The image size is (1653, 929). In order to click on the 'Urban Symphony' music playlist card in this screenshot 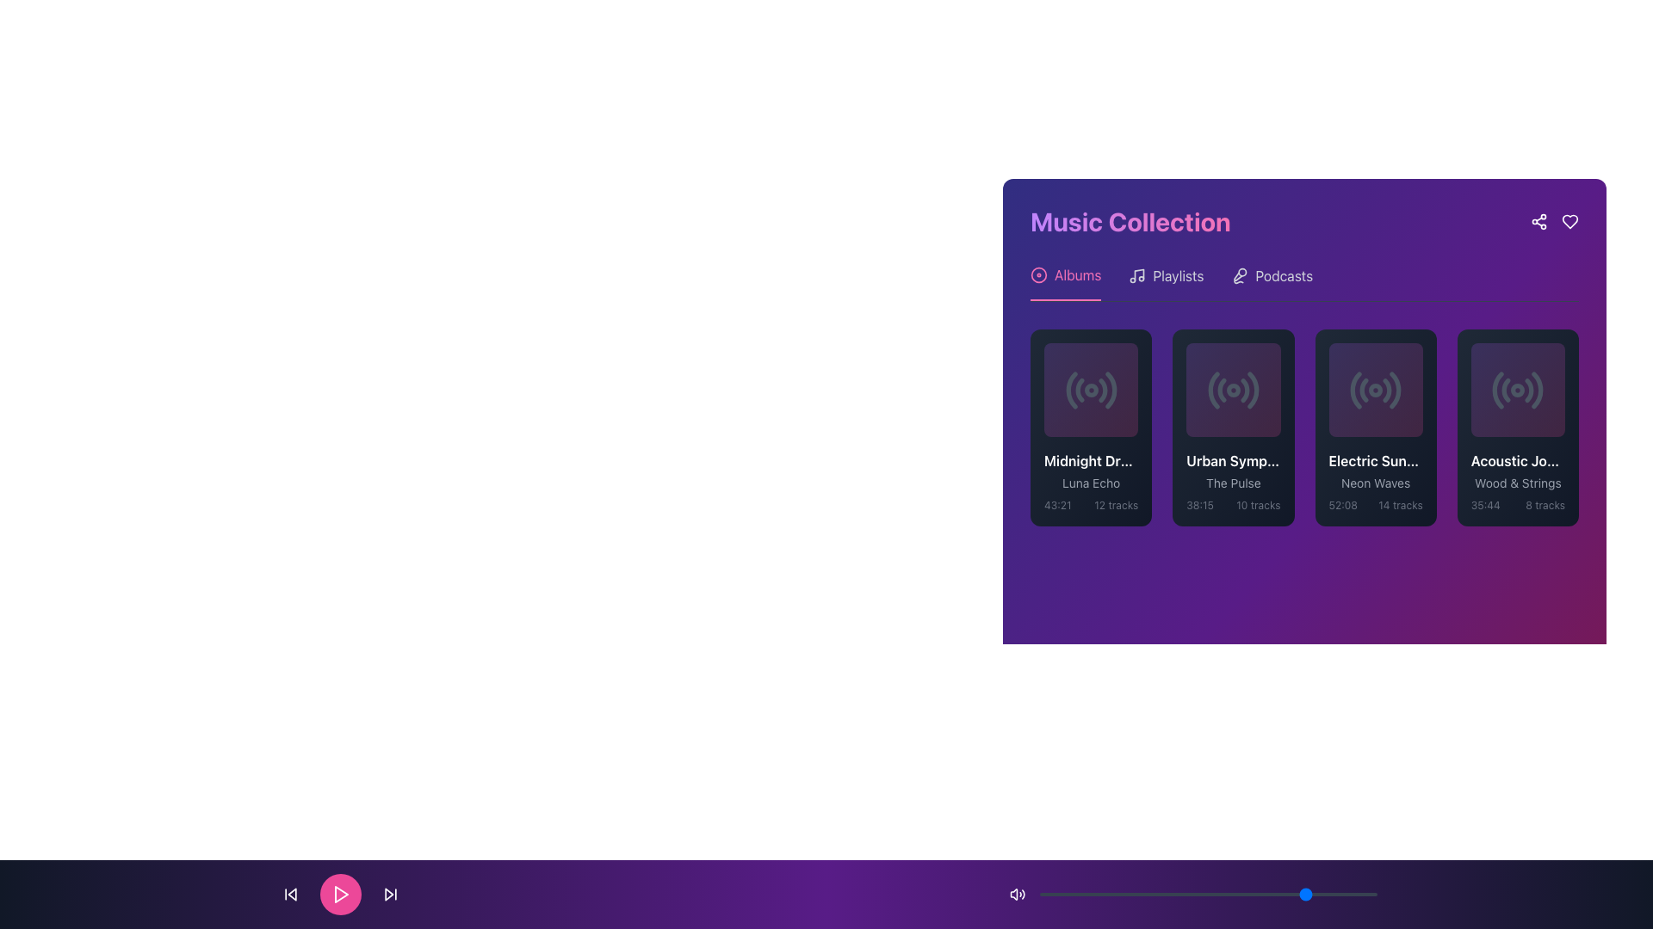, I will do `click(1232, 427)`.